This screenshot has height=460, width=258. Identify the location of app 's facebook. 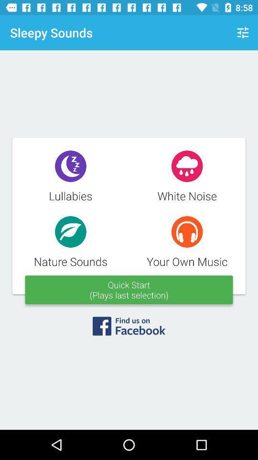
(129, 329).